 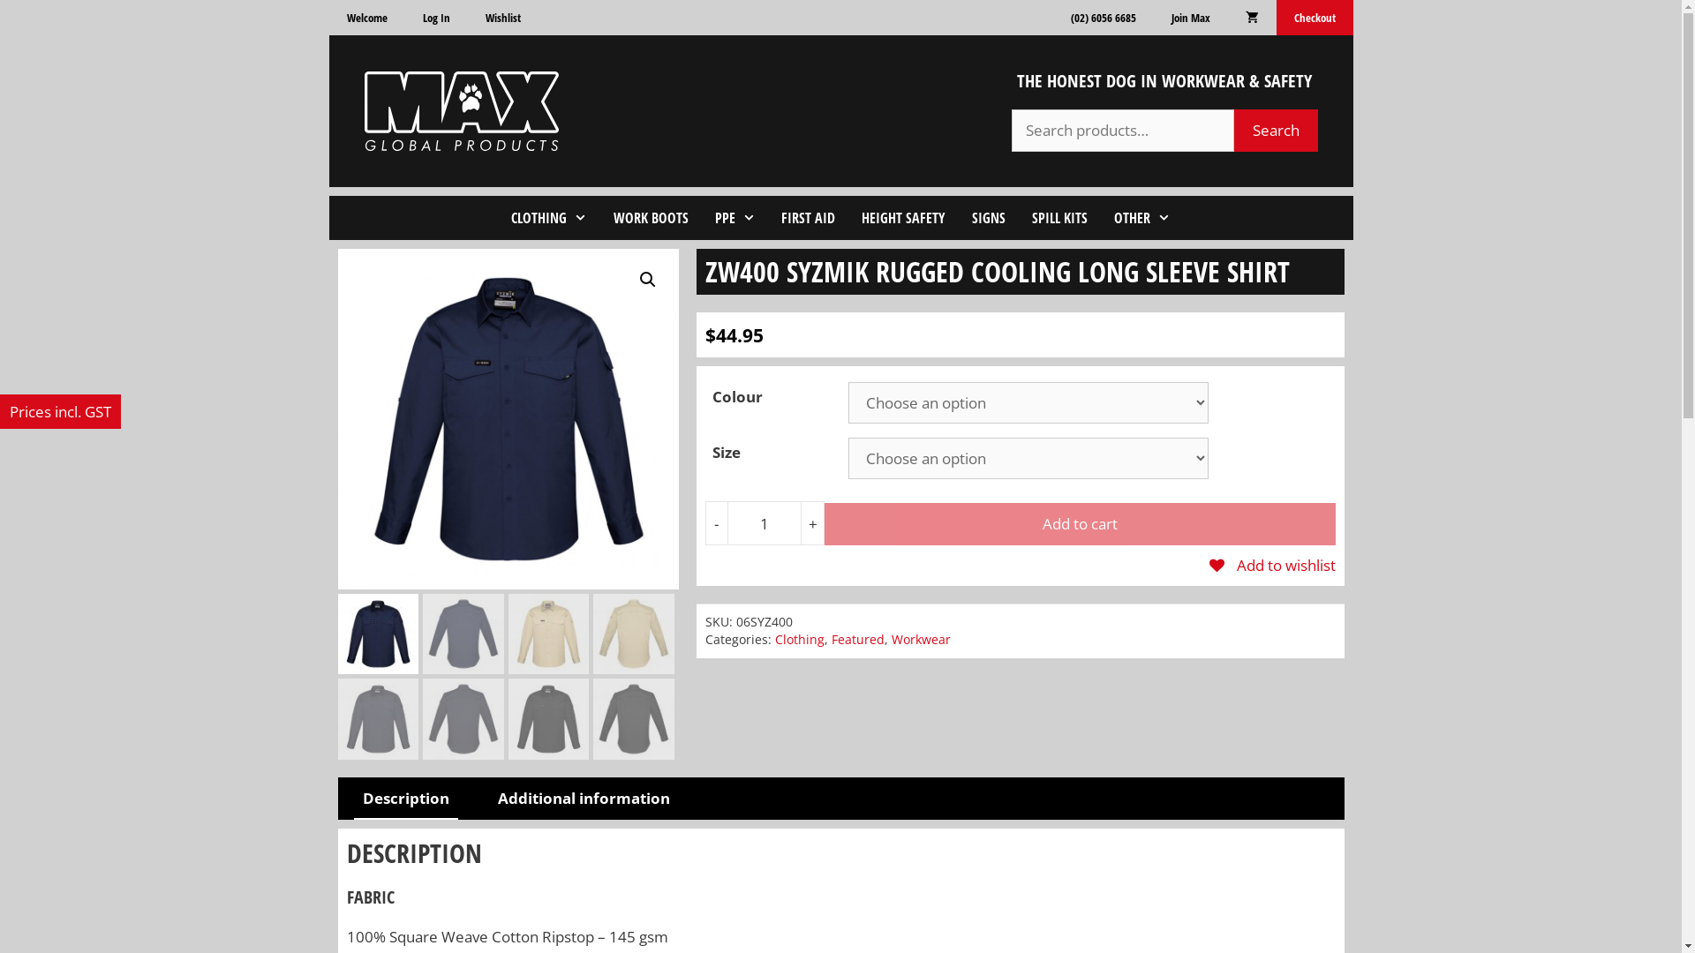 What do you see at coordinates (920, 639) in the screenshot?
I see `'Workwear'` at bounding box center [920, 639].